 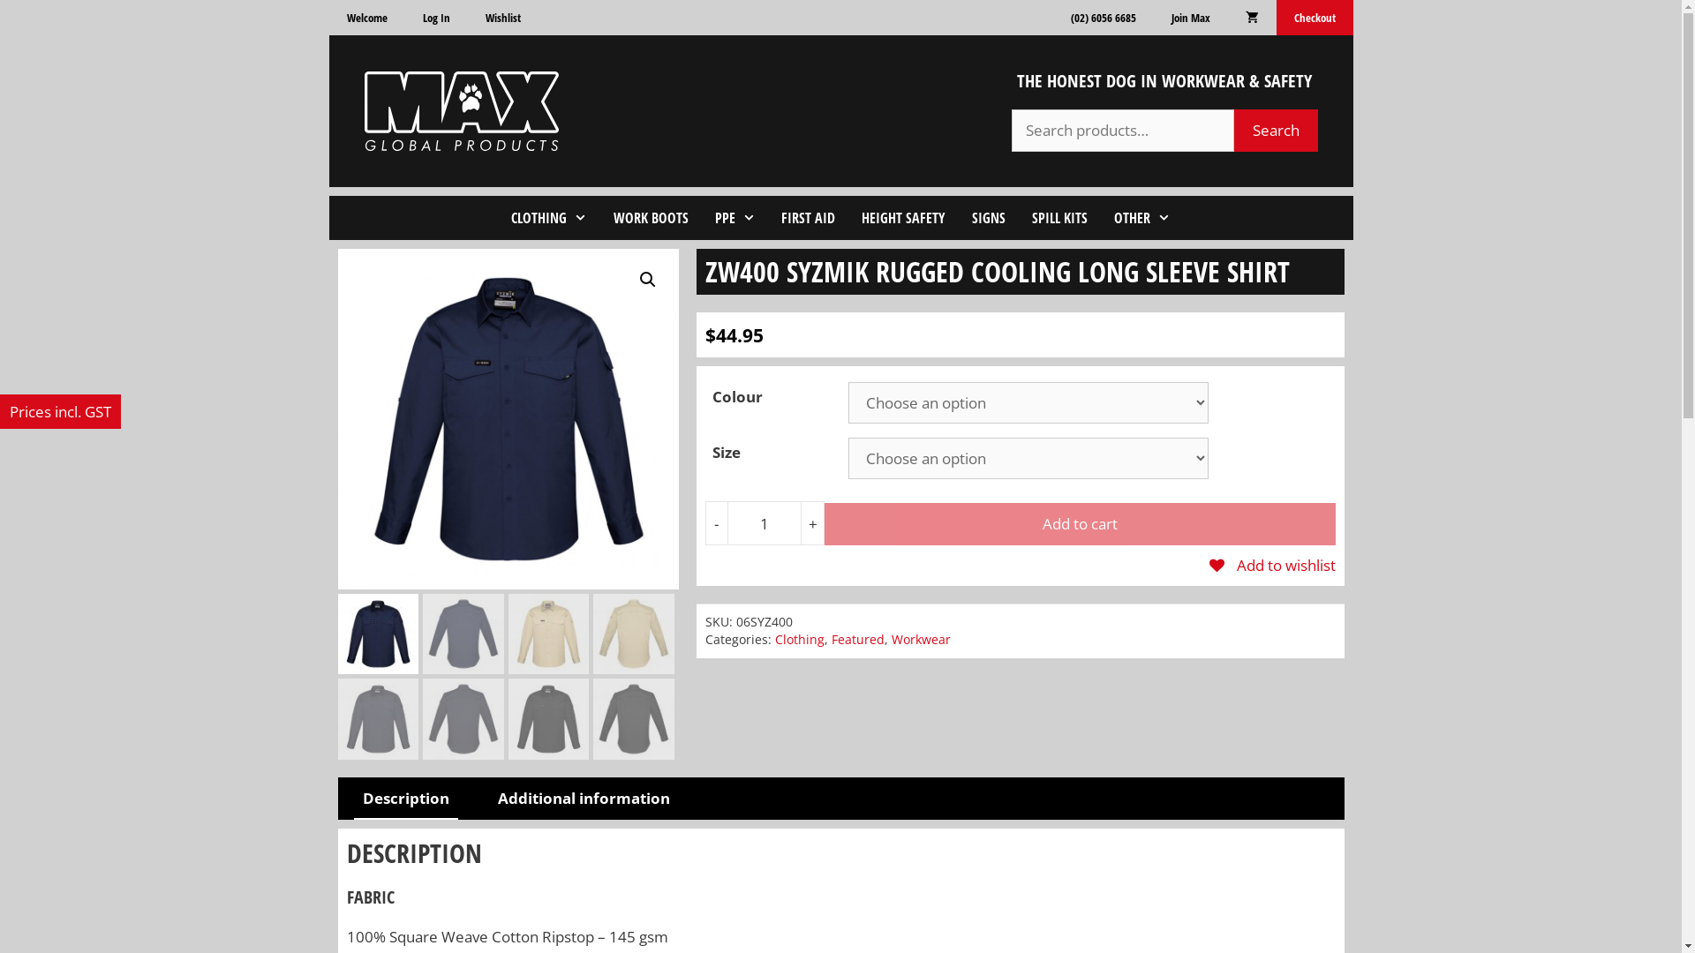 What do you see at coordinates (920, 639) in the screenshot?
I see `'Workwear'` at bounding box center [920, 639].